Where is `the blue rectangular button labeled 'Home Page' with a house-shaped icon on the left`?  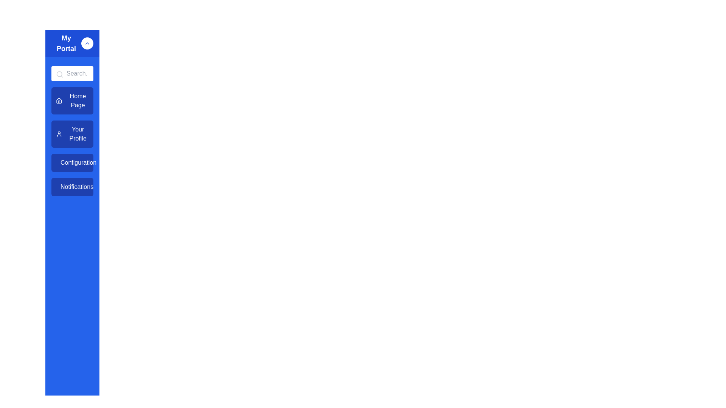
the blue rectangular button labeled 'Home Page' with a house-shaped icon on the left is located at coordinates (72, 100).